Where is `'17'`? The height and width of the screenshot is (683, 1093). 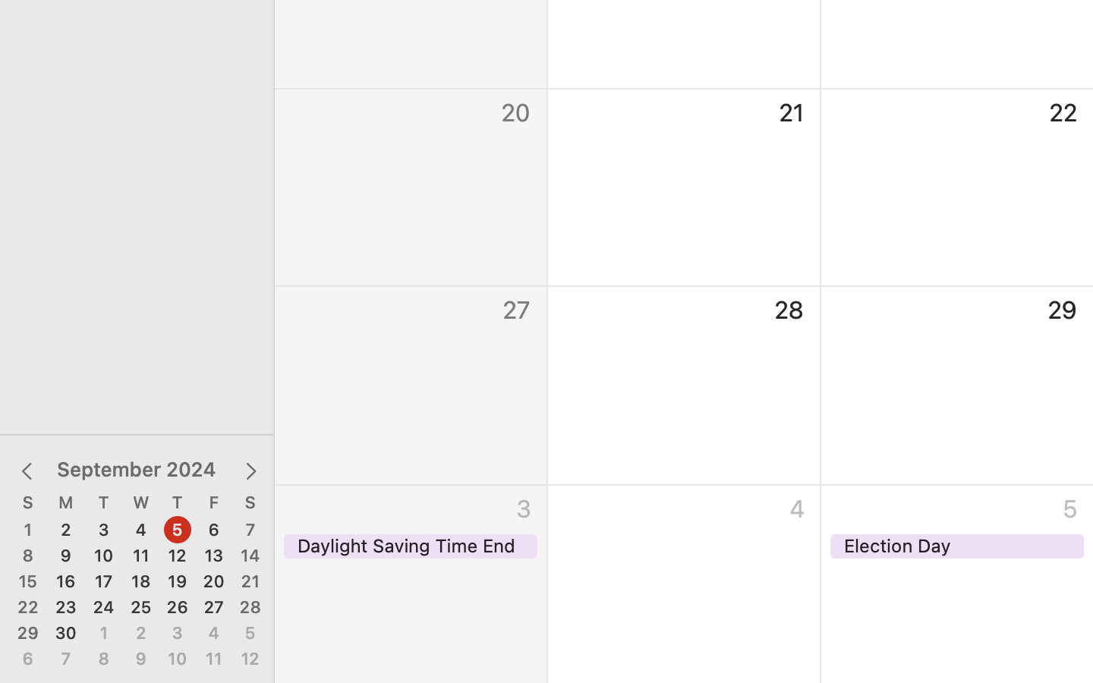
'17' is located at coordinates (102, 581).